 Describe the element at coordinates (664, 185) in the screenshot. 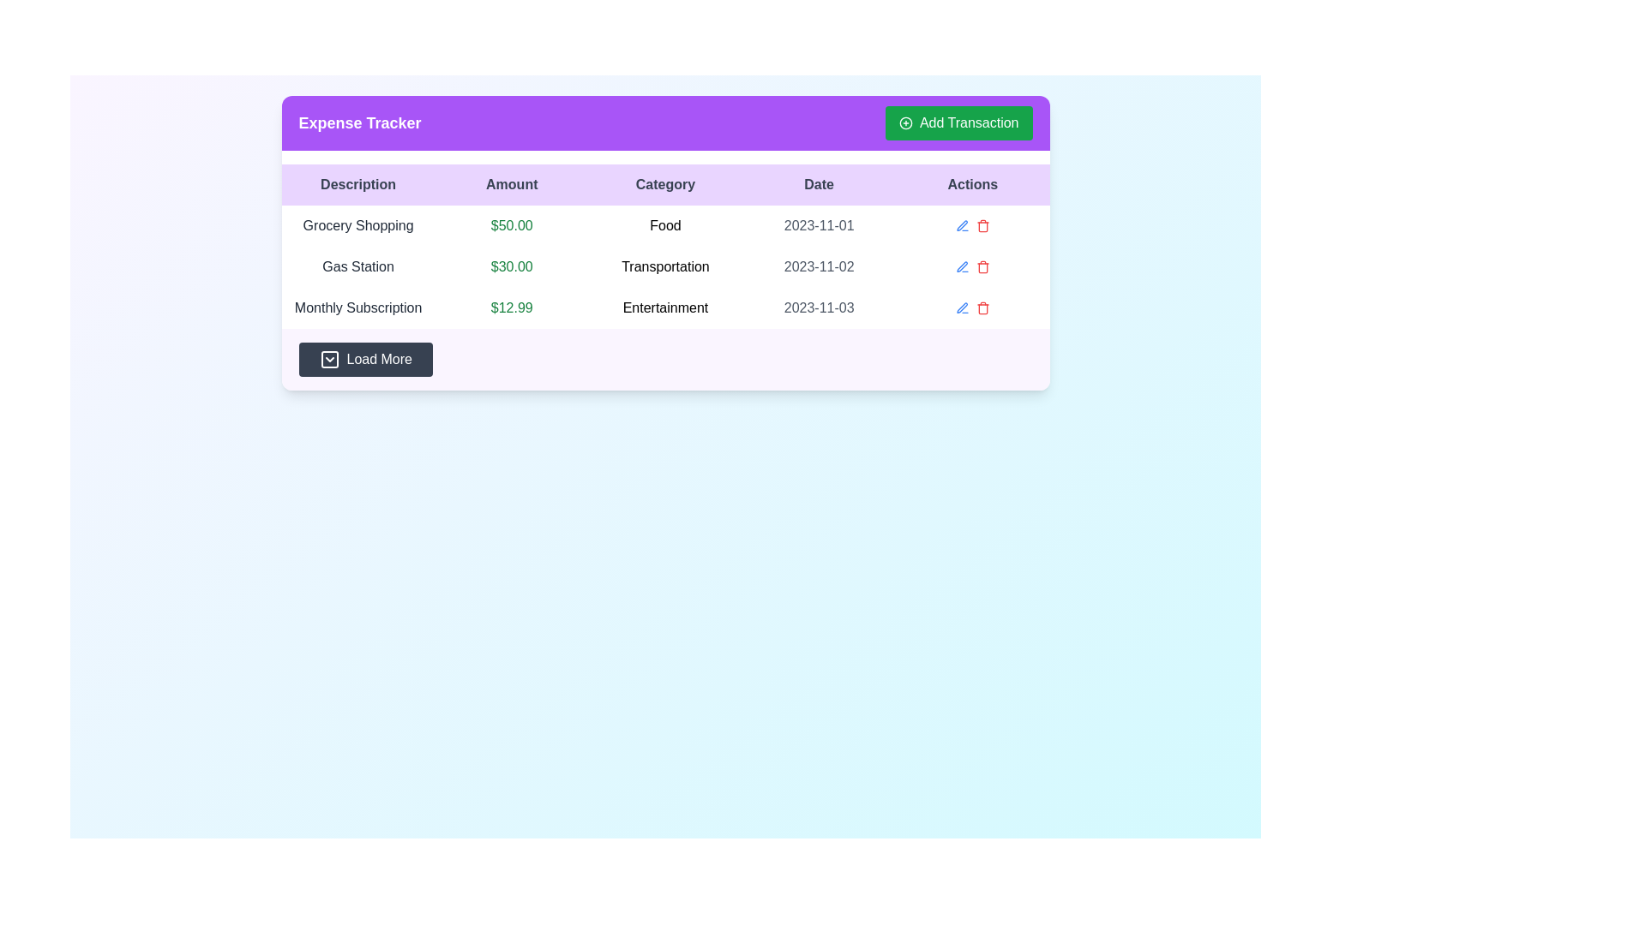

I see `the 'Category' text label, which has a light gray background and dark gray text, positioned between the 'Amount' and 'Date' labels in a horizontal row` at that location.